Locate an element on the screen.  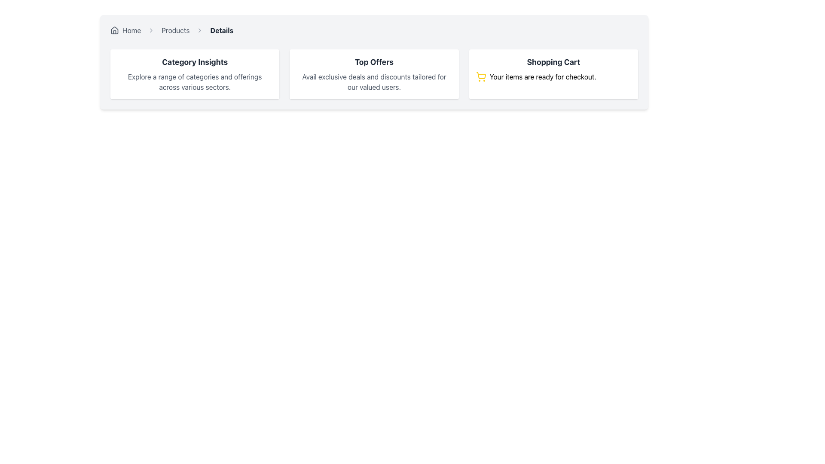
the 'Top Offers' heading text element, which is bold and large-sized, located in the middle card at the top of the section is located at coordinates (374, 62).